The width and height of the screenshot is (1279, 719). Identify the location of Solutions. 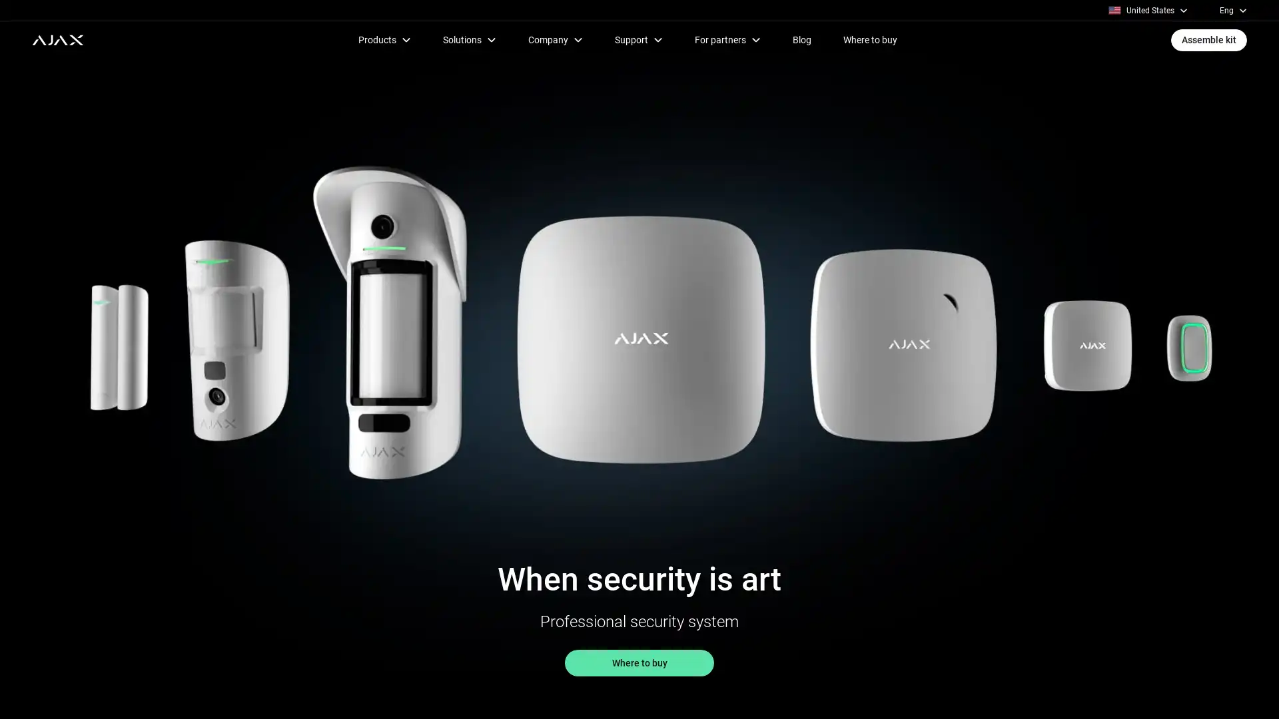
(469, 39).